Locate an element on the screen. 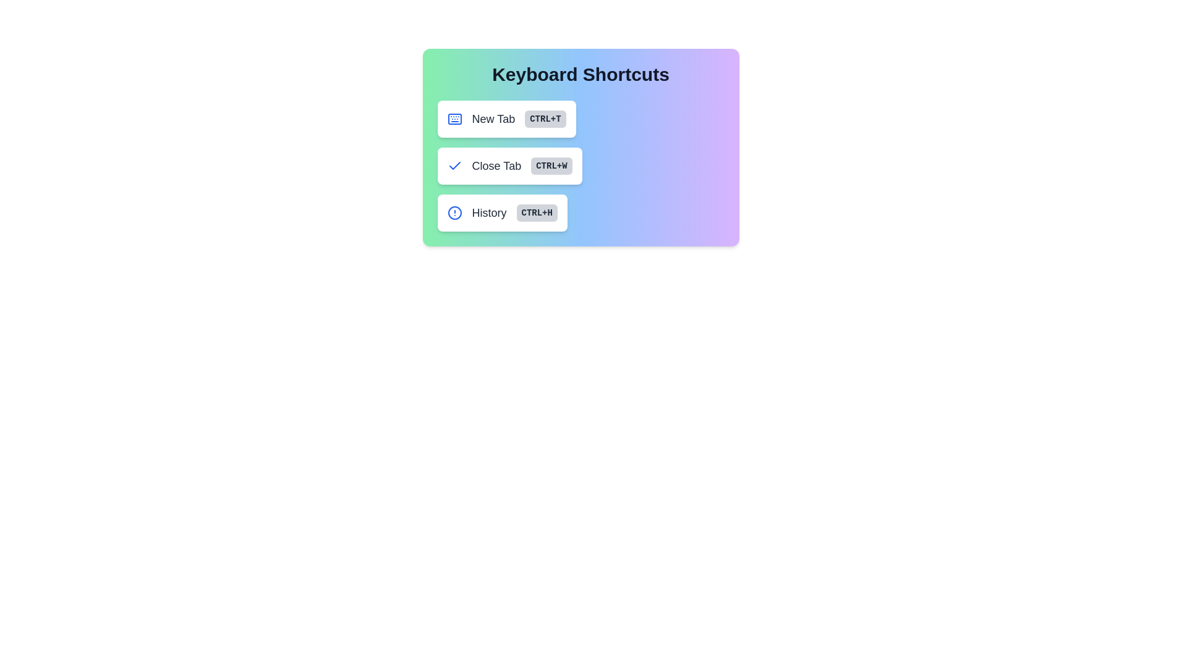 This screenshot has width=1187, height=667. the decorative warning icon located to the far-left side of the 'History Ctrl+H' button, which is the first element among its siblings is located at coordinates (454, 212).